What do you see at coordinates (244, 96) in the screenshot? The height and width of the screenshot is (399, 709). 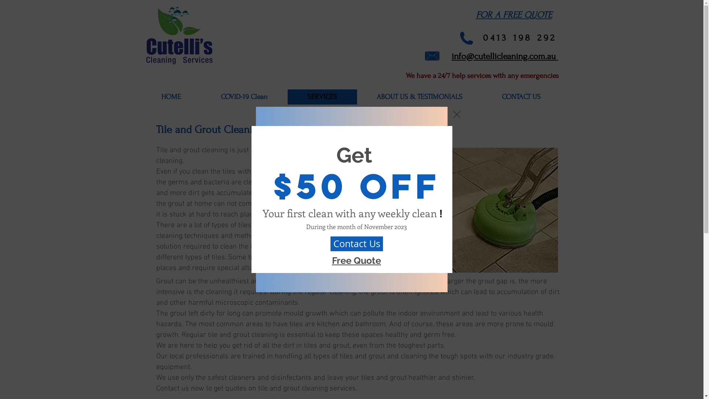 I see `'COVID-19 Clean'` at bounding box center [244, 96].